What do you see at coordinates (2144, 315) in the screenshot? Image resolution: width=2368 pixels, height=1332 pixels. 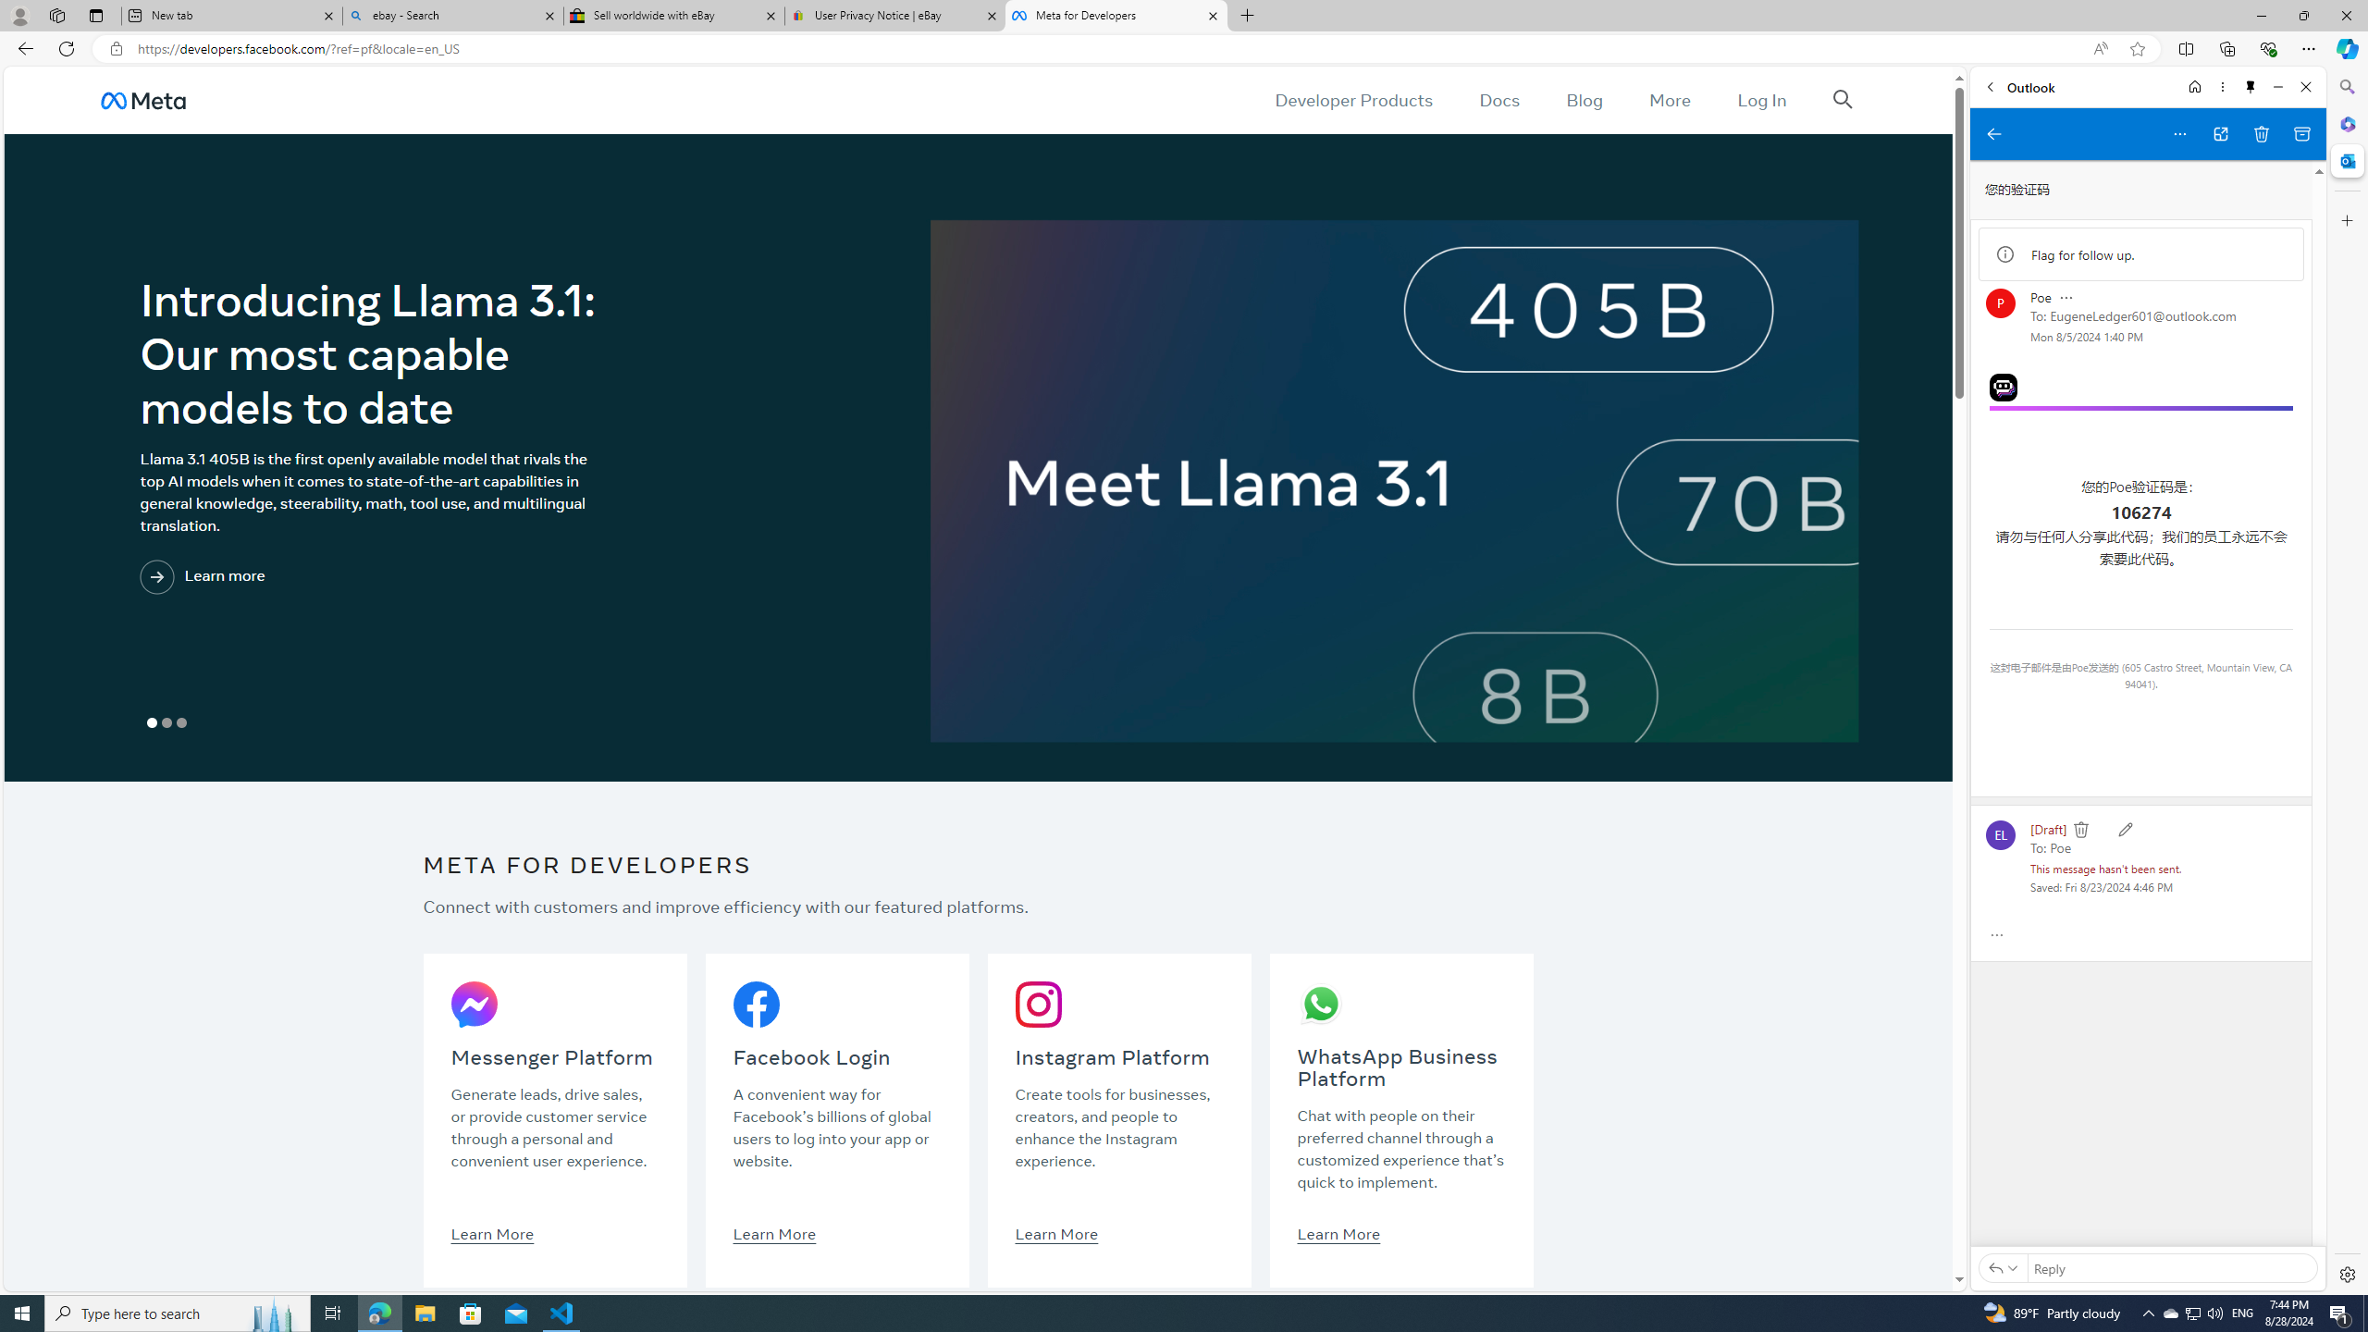 I see `'EugeneLedger601@outlook.com'` at bounding box center [2144, 315].